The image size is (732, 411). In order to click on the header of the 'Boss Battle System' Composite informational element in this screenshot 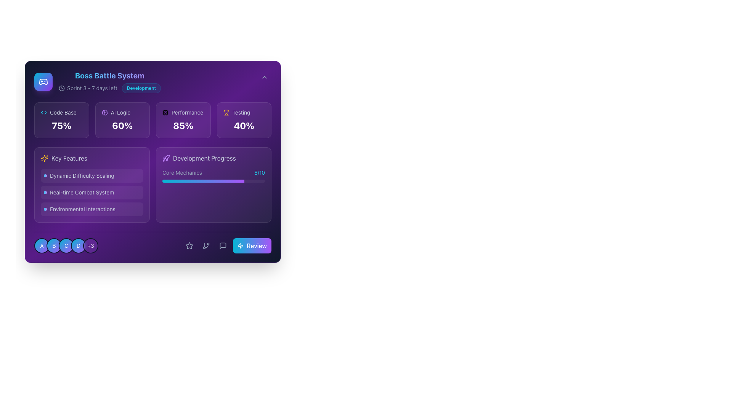, I will do `click(109, 82)`.